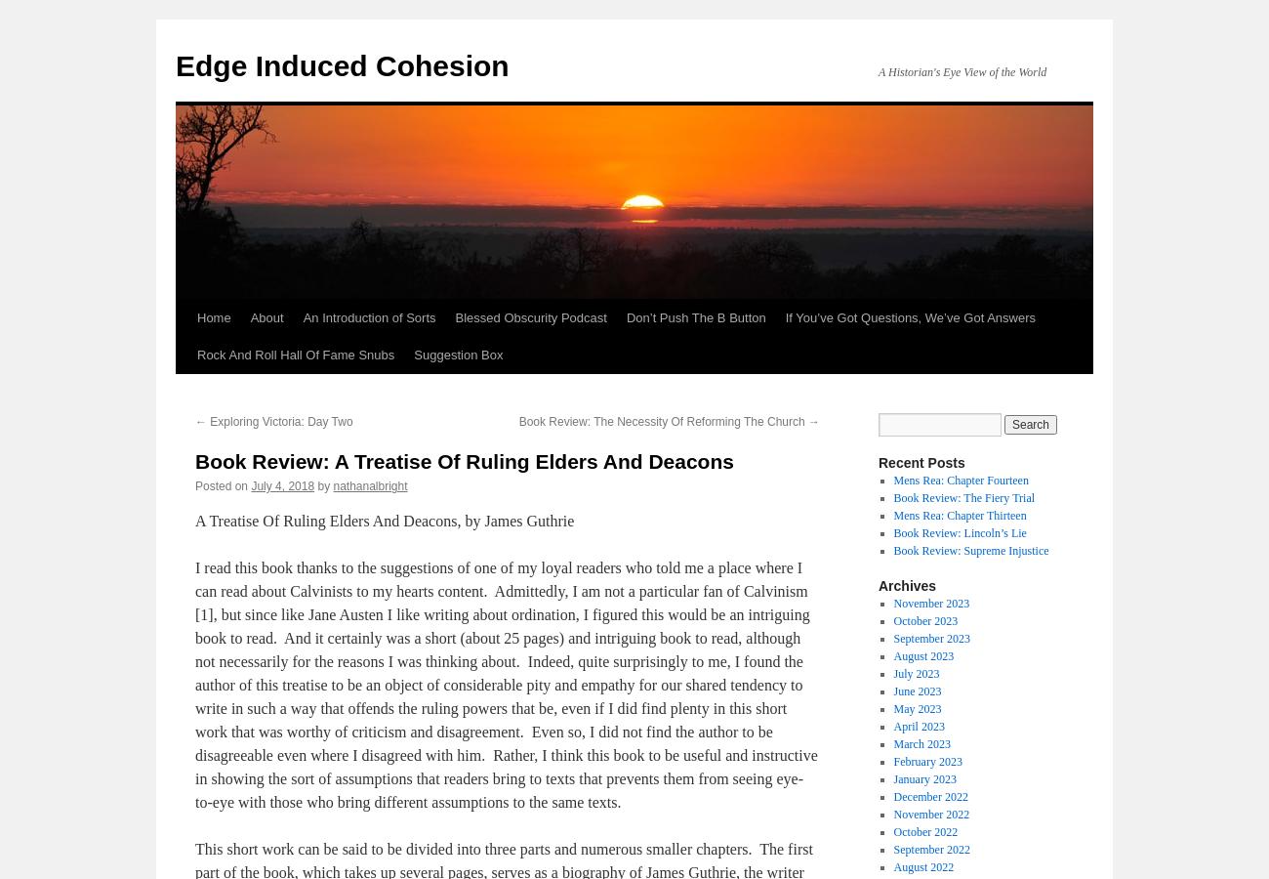  I want to click on 'Book Review:  The Fiery Trial', so click(962, 497).